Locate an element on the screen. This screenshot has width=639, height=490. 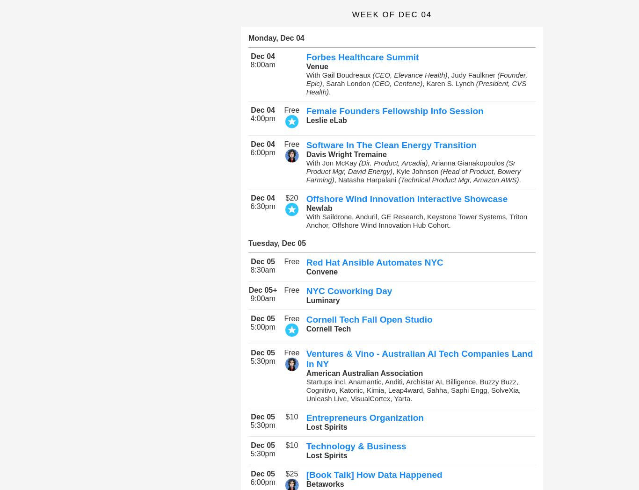
'(Technical Product Mgr, Amazon AWS)' is located at coordinates (458, 179).